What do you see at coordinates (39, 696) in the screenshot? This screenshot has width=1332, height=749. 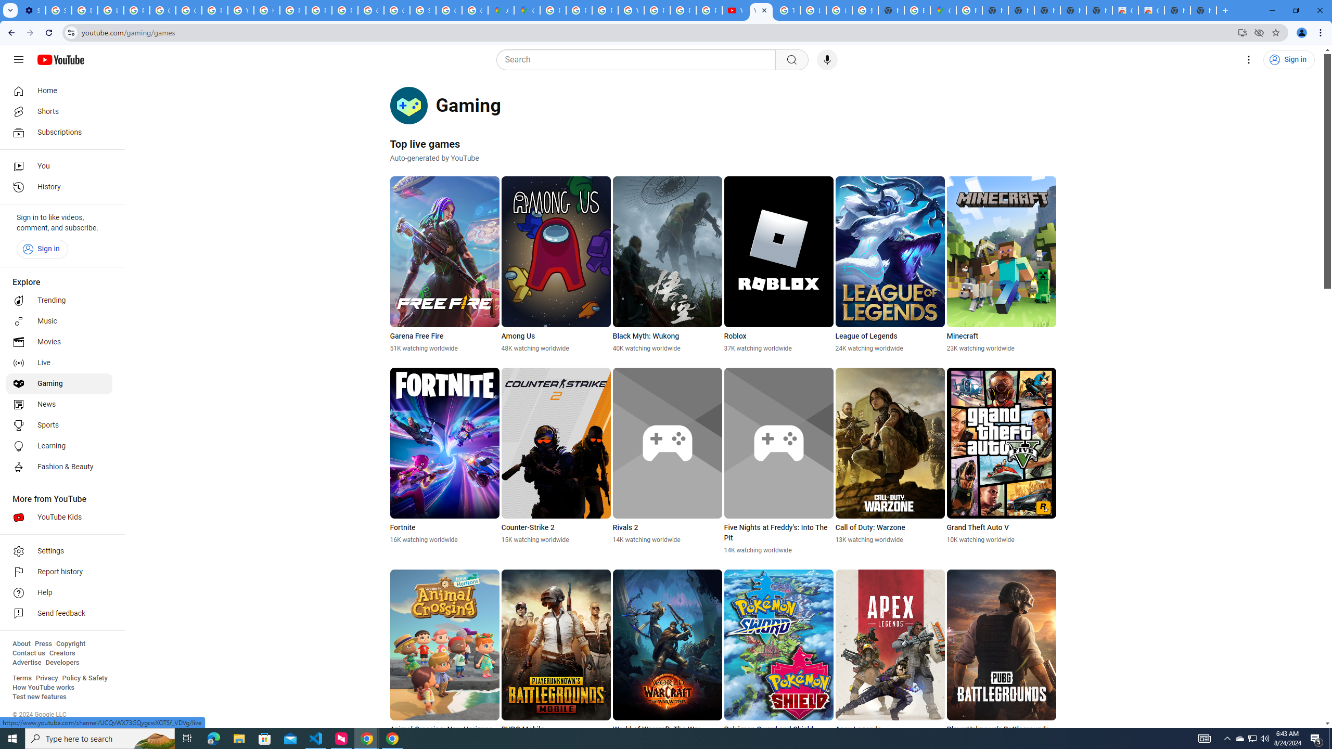 I see `'Test new features'` at bounding box center [39, 696].